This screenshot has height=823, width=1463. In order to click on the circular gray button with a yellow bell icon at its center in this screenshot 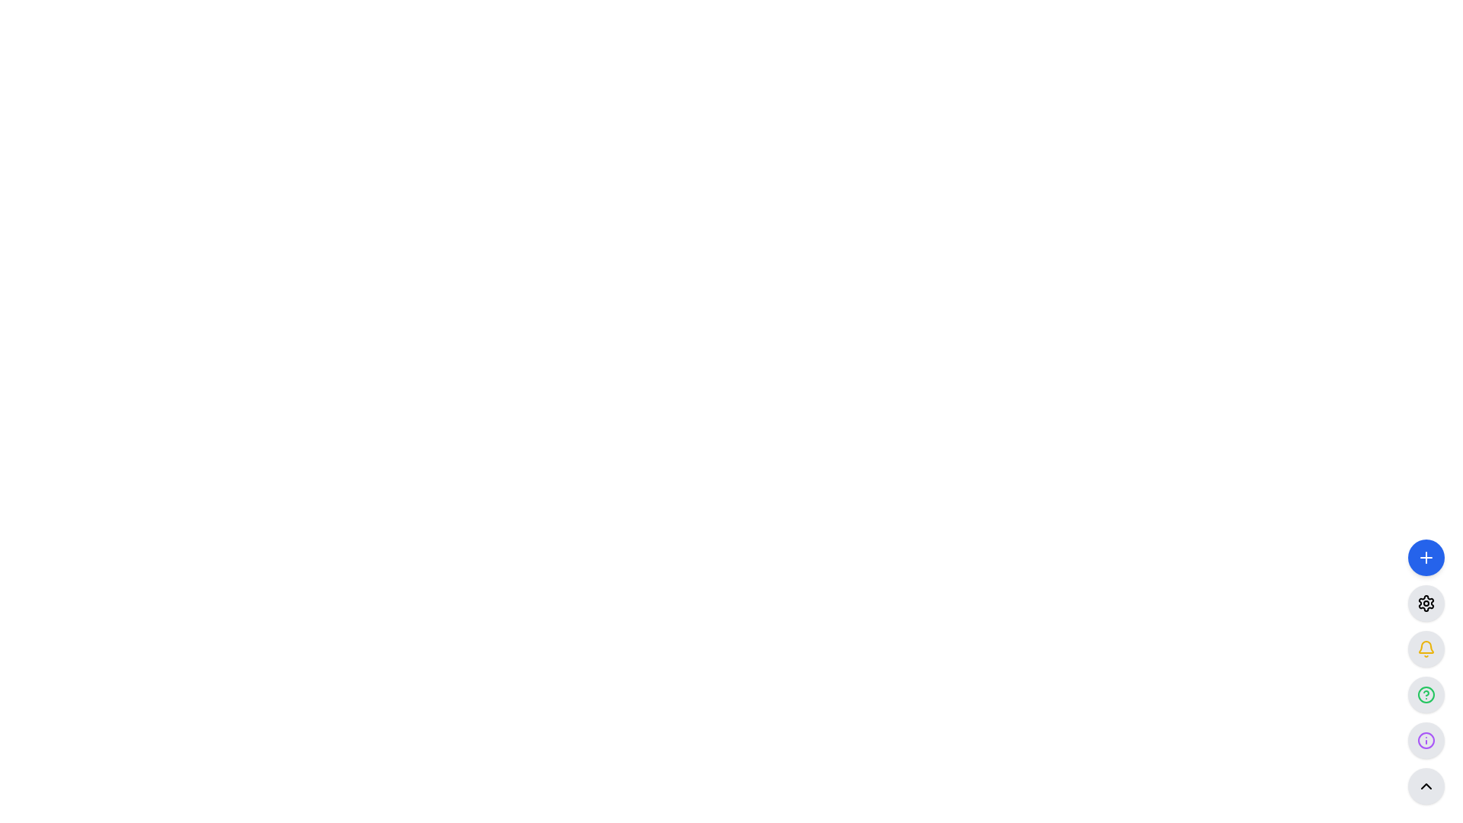, I will do `click(1426, 649)`.